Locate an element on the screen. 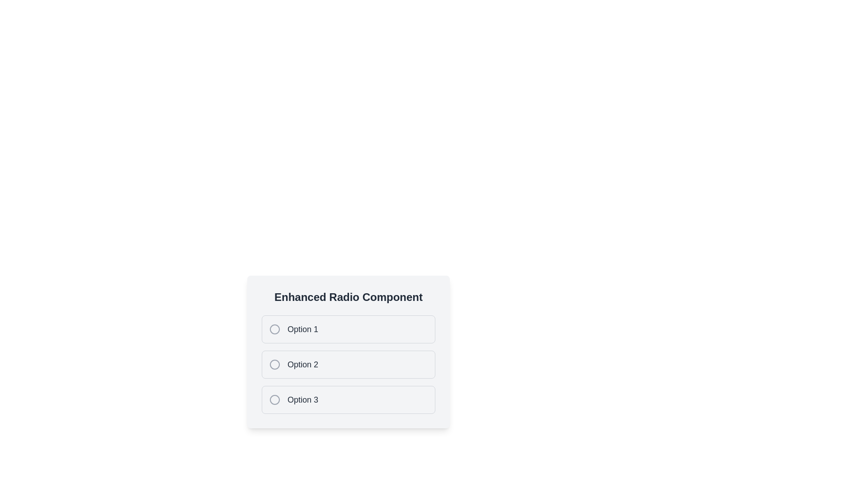 This screenshot has height=488, width=868. the radio button labeled 'Option 3' is located at coordinates (348, 399).